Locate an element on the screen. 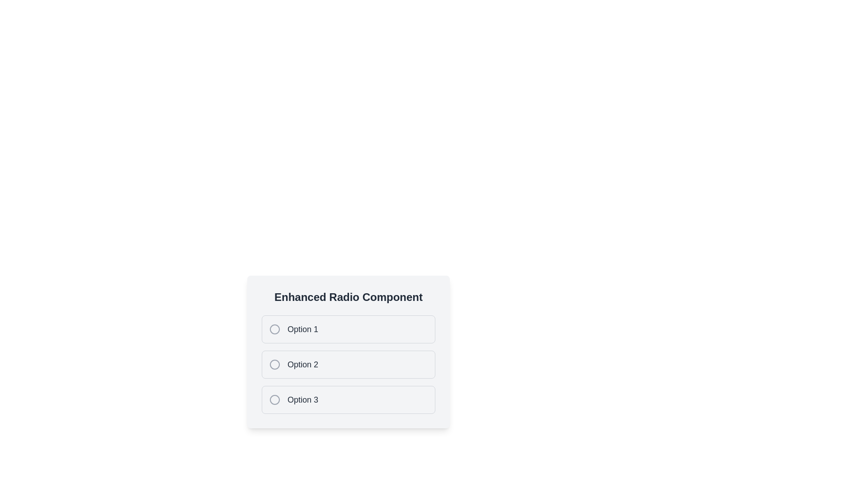 This screenshot has height=488, width=868. the radio button labeled 'Option 3' is located at coordinates (348, 399).